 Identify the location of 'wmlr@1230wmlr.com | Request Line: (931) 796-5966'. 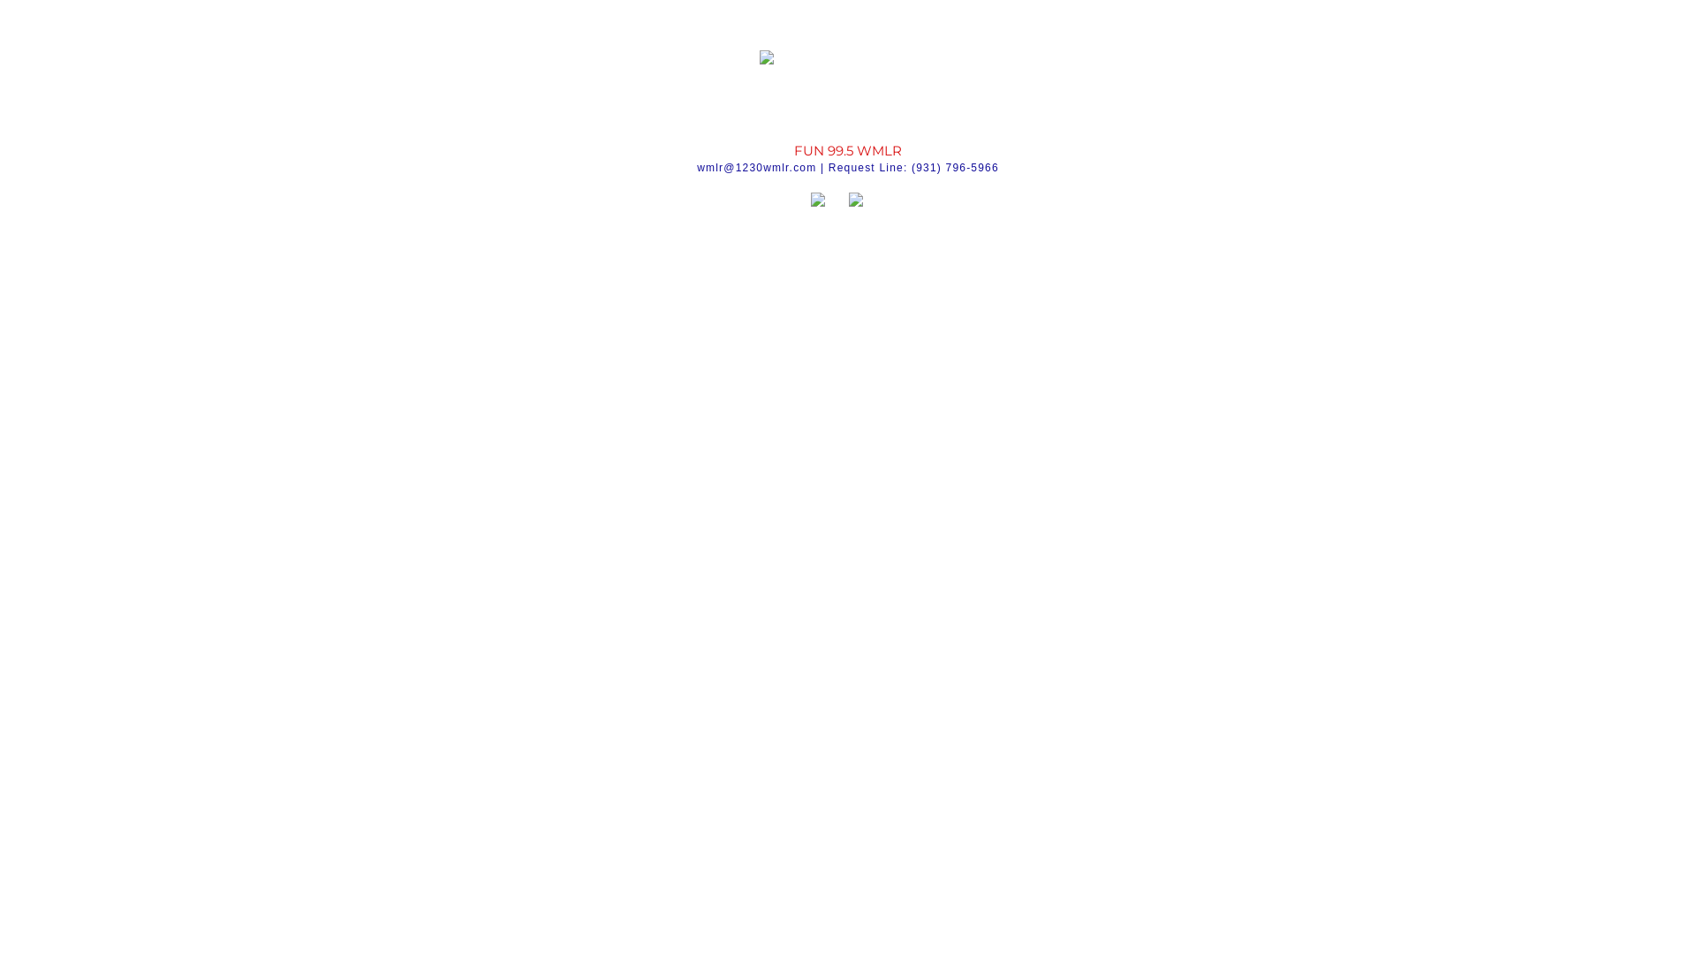
(848, 167).